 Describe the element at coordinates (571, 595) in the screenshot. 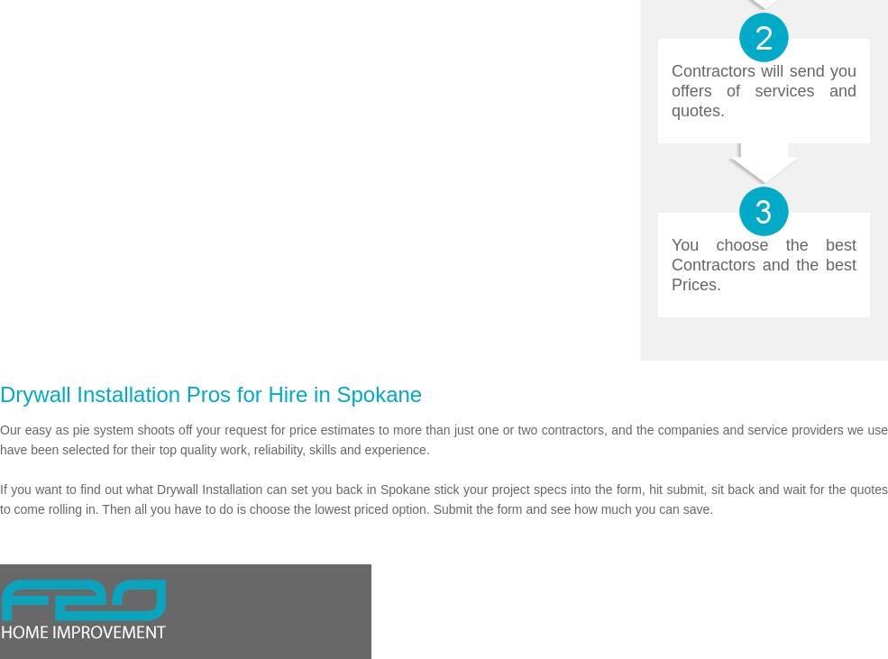

I see `'About'` at that location.